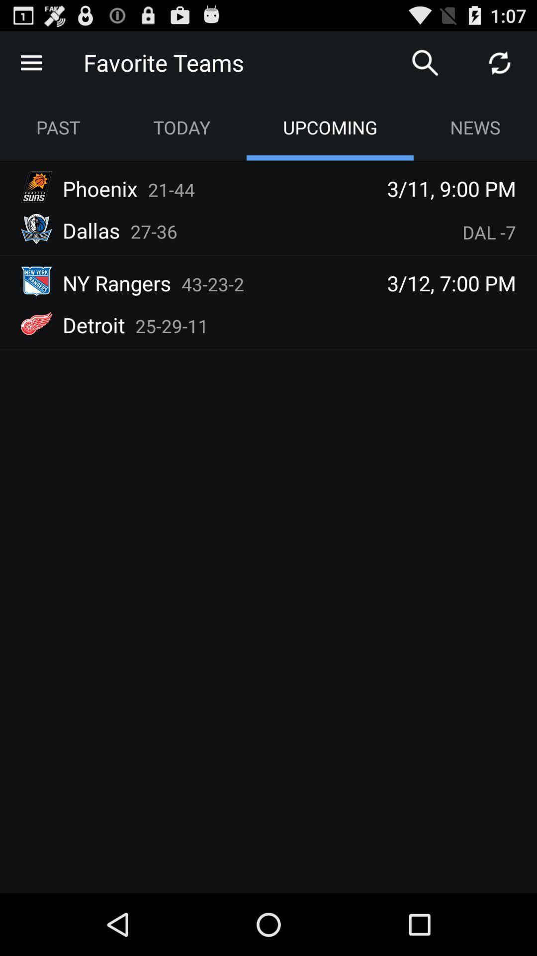  Describe the element at coordinates (500, 66) in the screenshot. I see `the refresh icon` at that location.